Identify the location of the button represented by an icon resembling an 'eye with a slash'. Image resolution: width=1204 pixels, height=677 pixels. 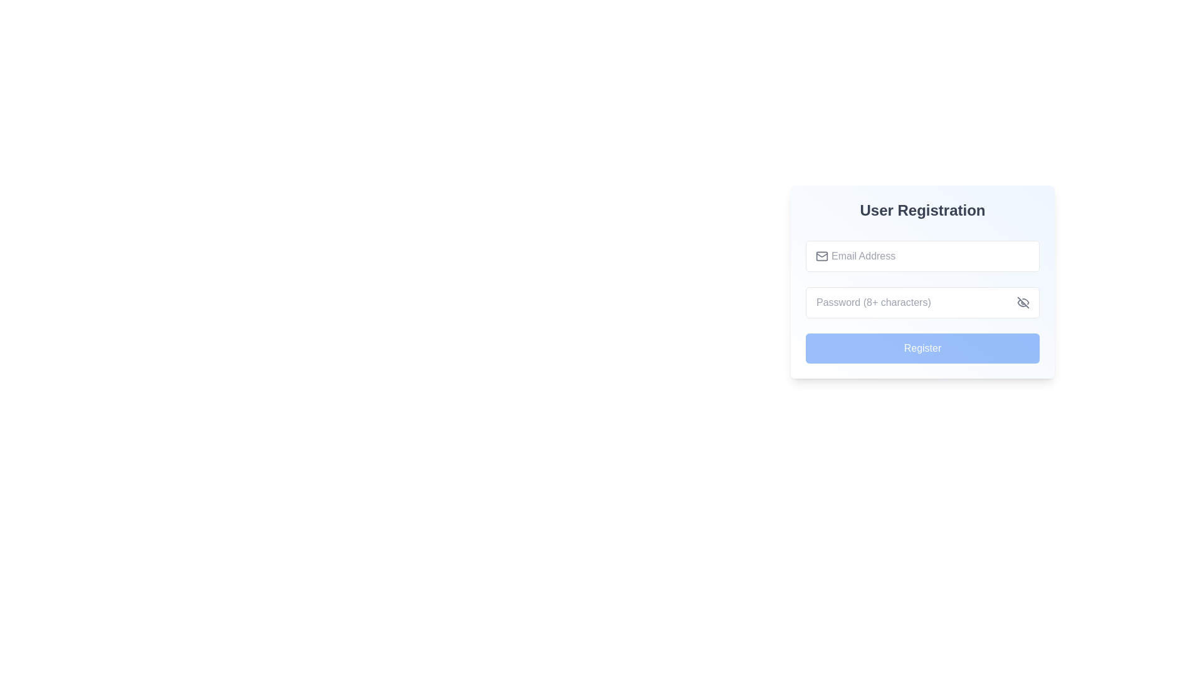
(1023, 302).